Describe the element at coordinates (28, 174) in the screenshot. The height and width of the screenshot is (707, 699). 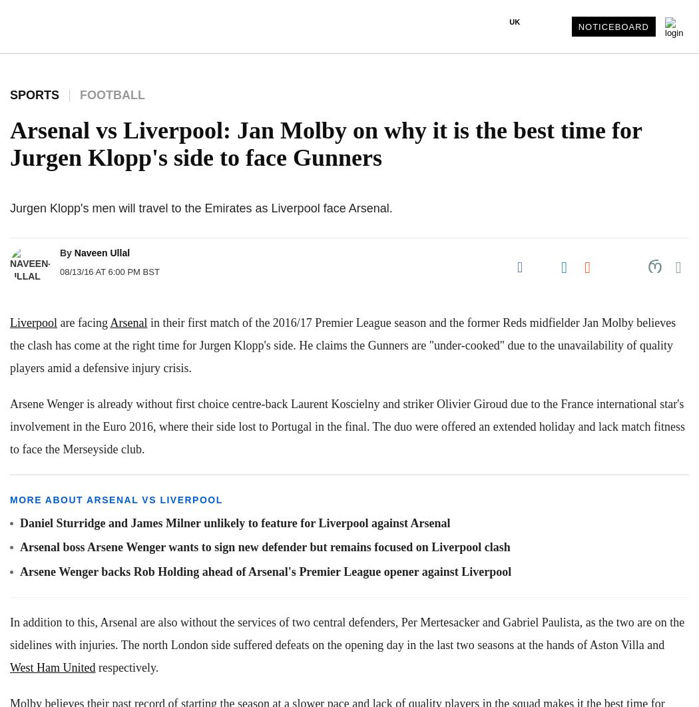
I see `'Business'` at that location.